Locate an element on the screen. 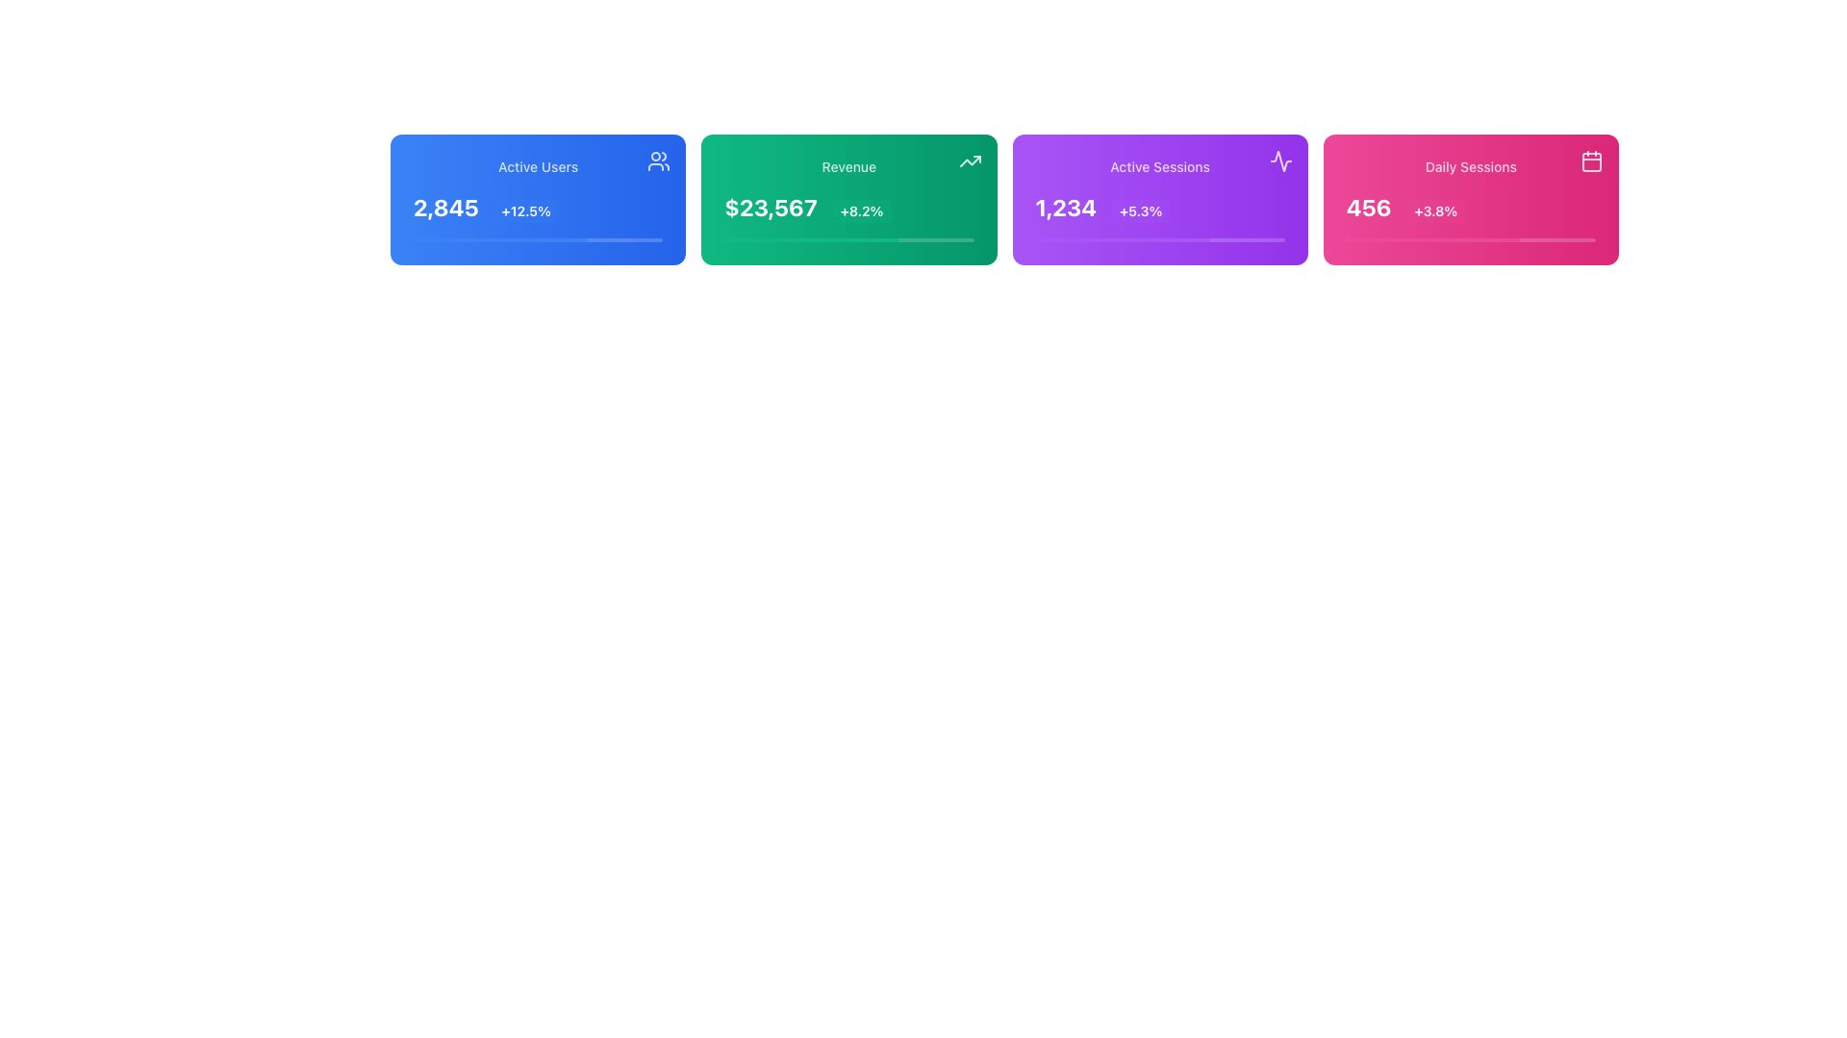 The width and height of the screenshot is (1847, 1038). blue progress bar that is partially filled to approximately 70% within the 'Active Users' card located in the top left corner of the interface is located at coordinates (500, 239).